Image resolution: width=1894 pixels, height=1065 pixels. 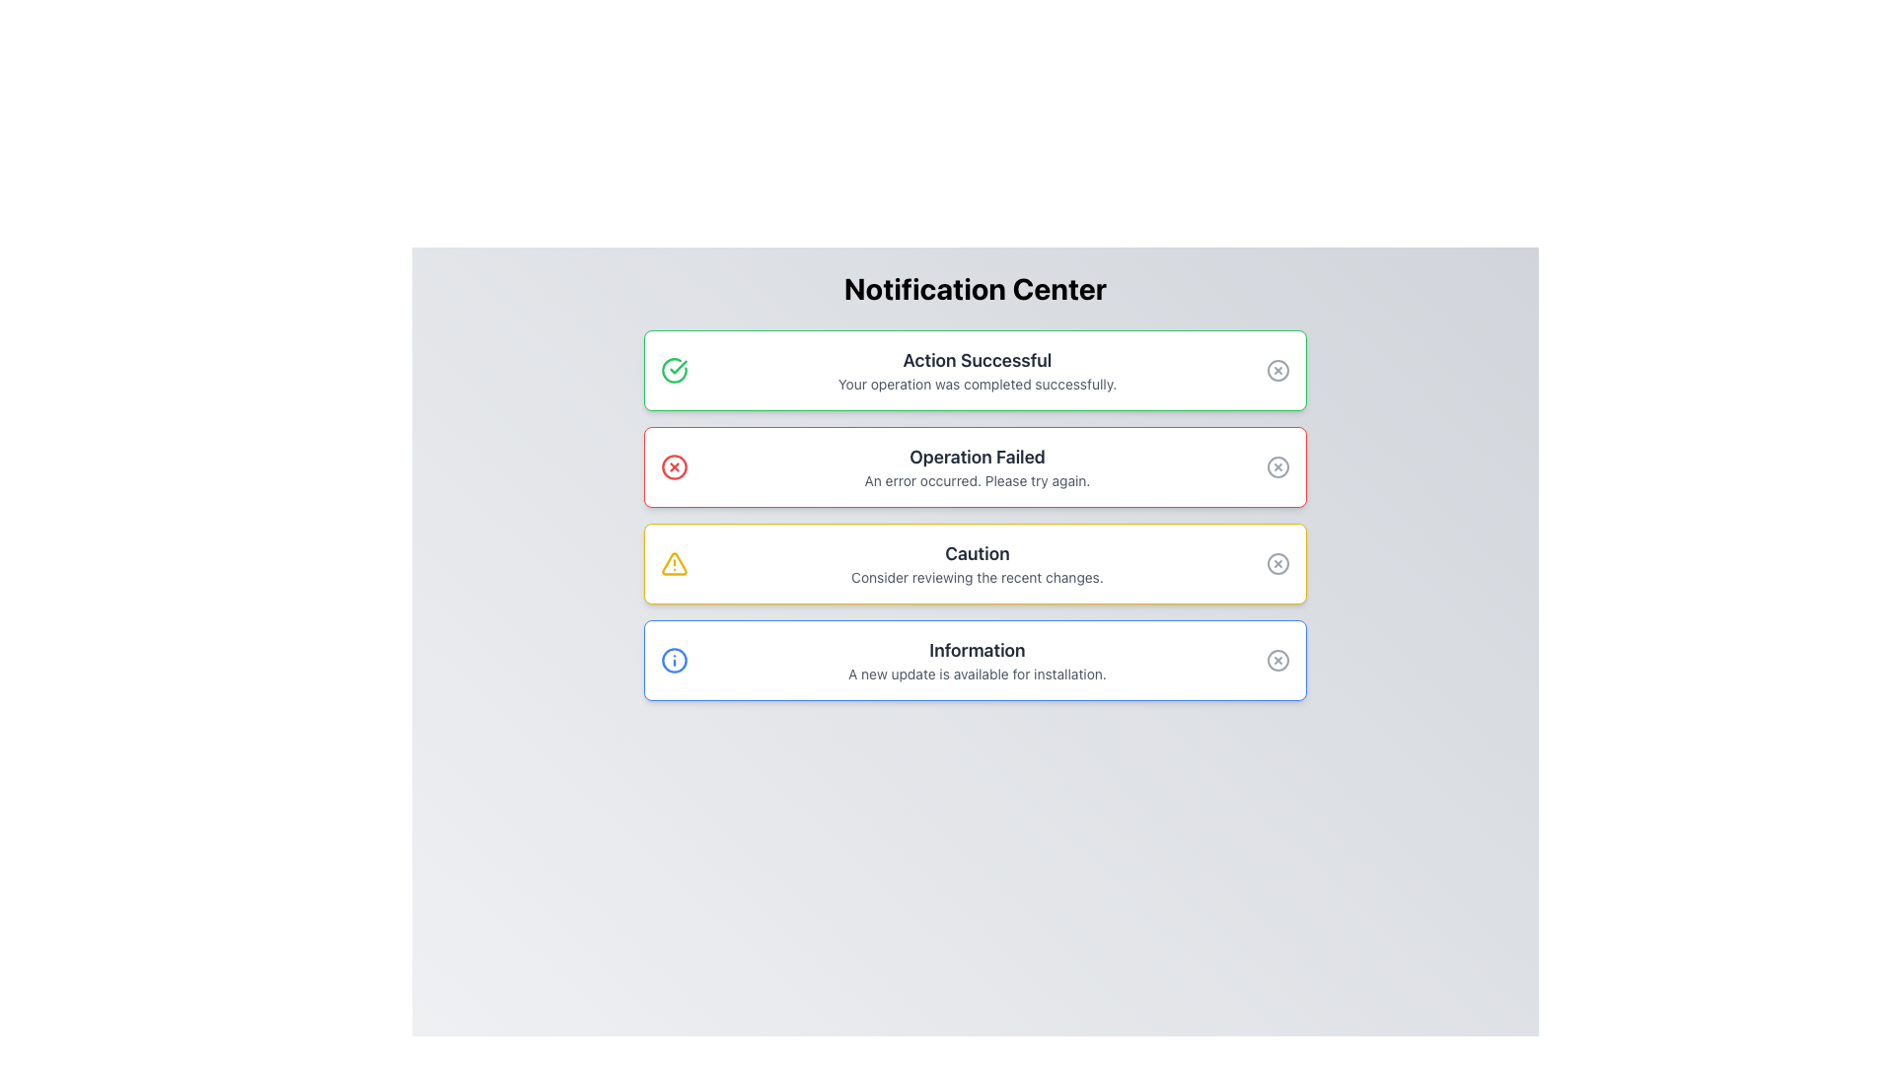 What do you see at coordinates (1278, 370) in the screenshot?
I see `the circular close button with a cross (X) mark inside, located at the upper-right corner of the green-bordered notification box labeled 'Action Successful'` at bounding box center [1278, 370].